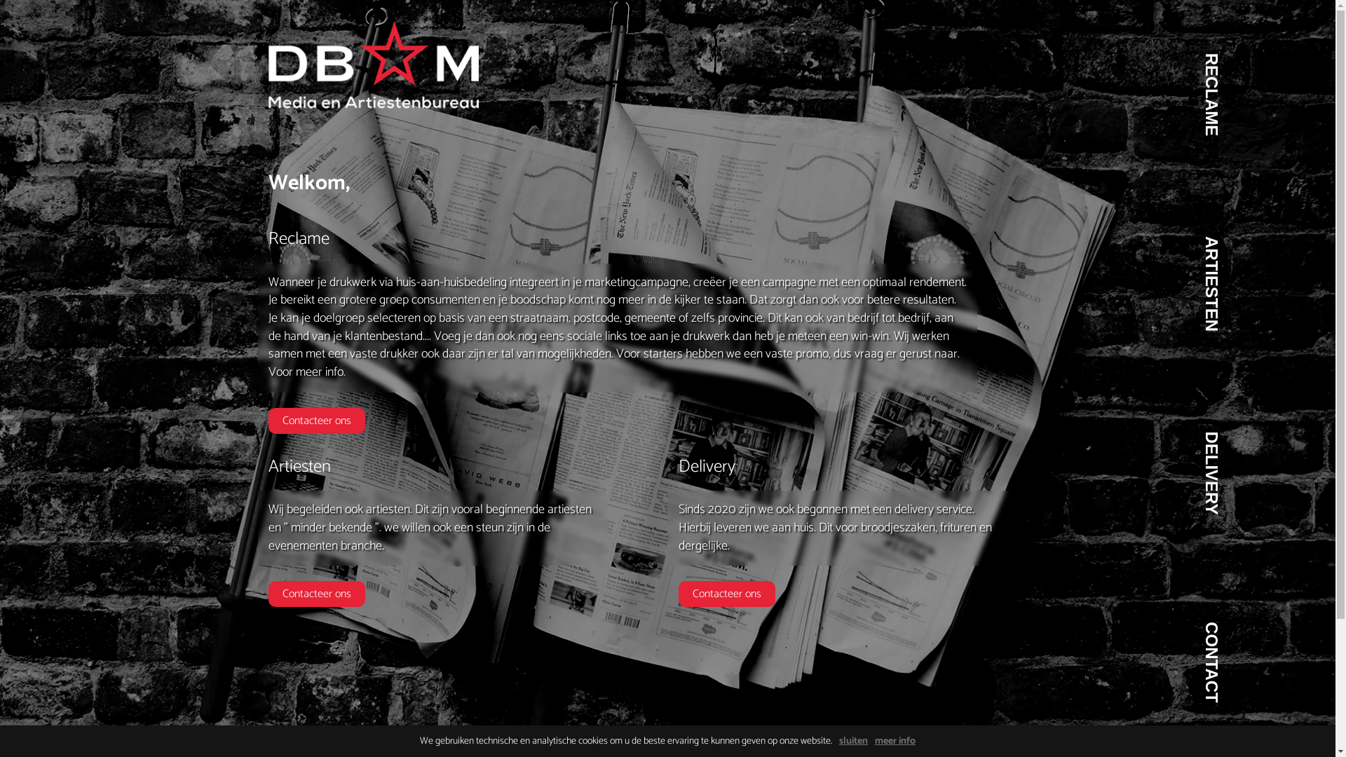  I want to click on 'sluiten', so click(852, 740).